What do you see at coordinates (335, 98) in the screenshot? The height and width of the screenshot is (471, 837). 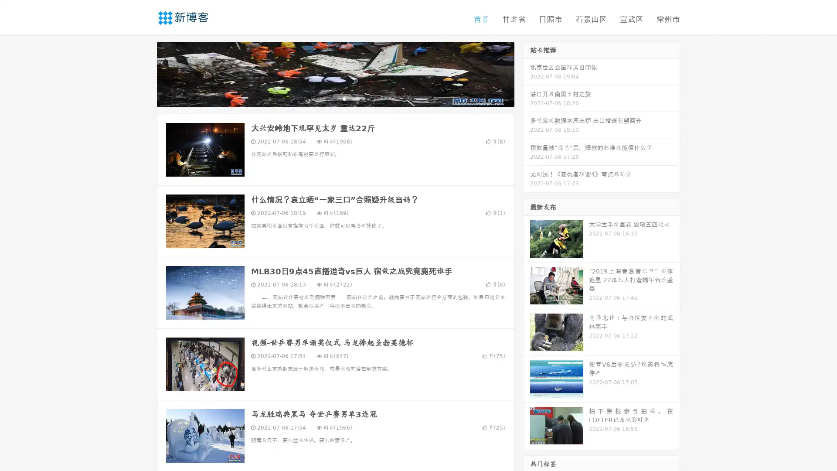 I see `Go to slide 2` at bounding box center [335, 98].